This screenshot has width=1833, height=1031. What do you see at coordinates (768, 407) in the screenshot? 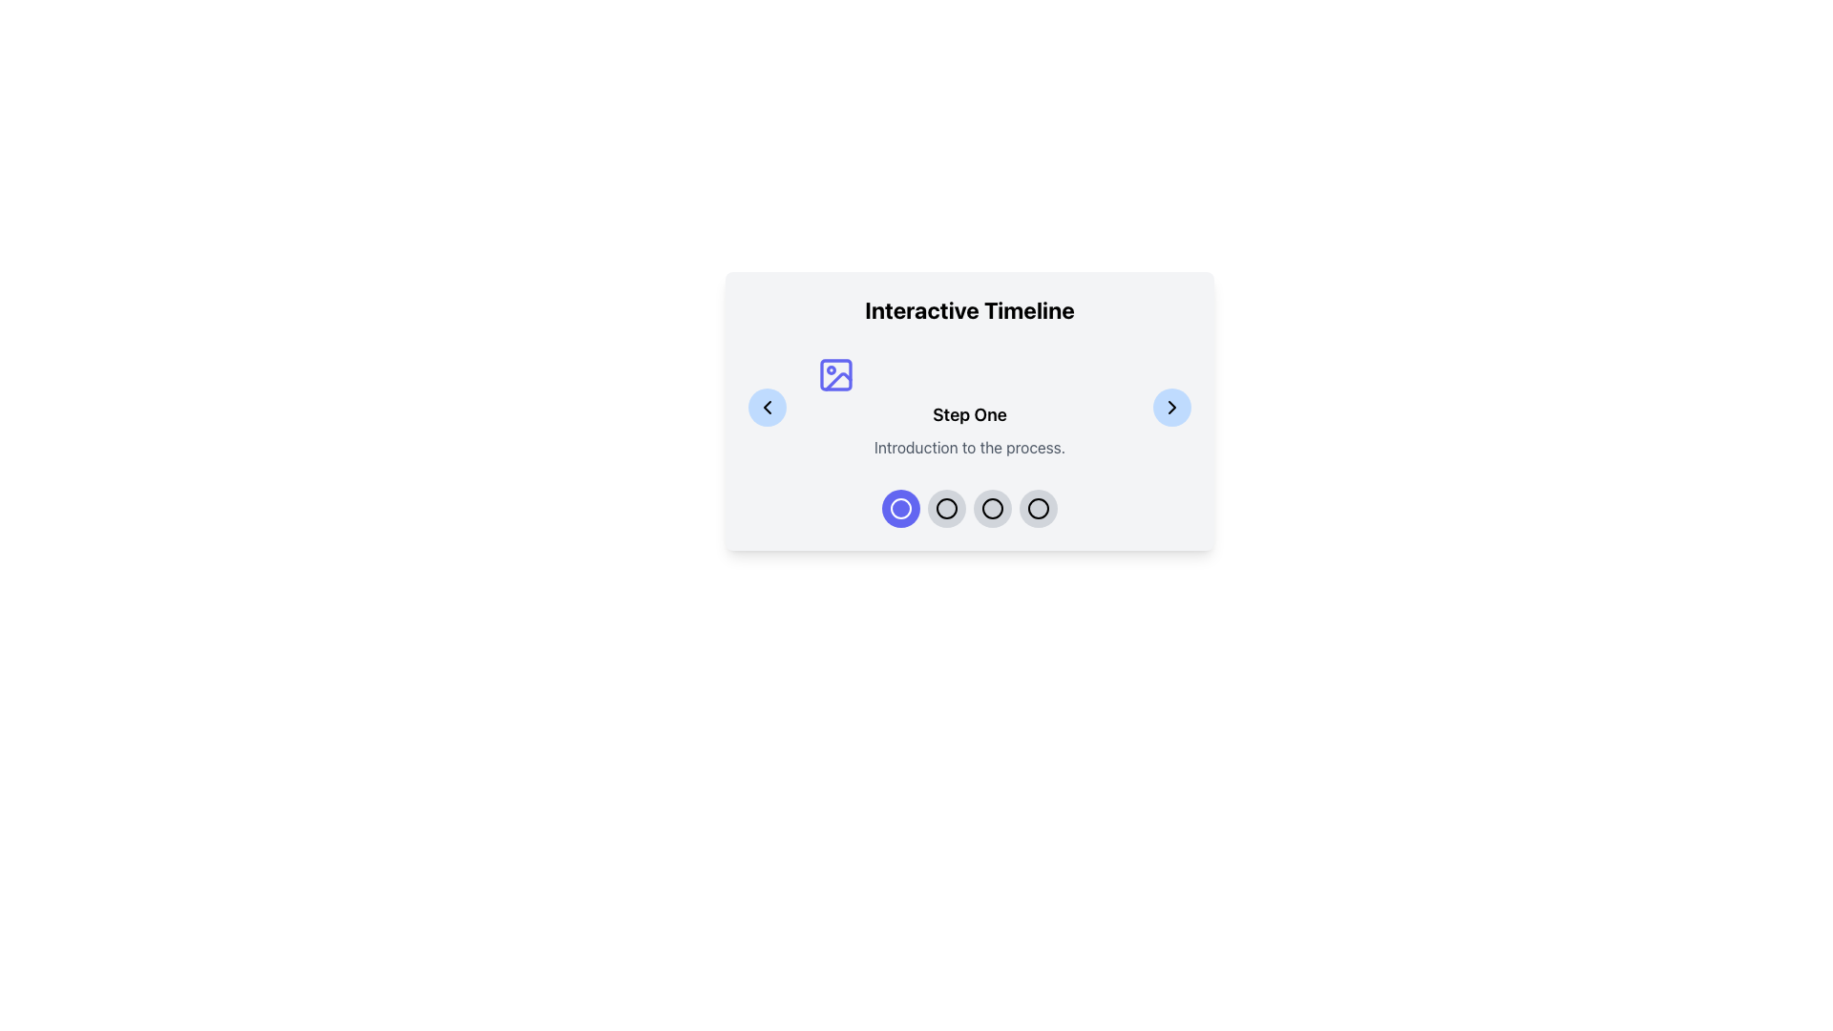
I see `the navigation button with an SVG icon located on the left side of the navigation button group` at bounding box center [768, 407].